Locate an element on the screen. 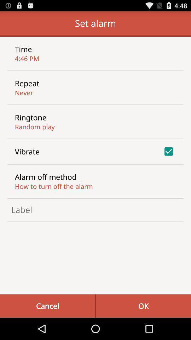 Image resolution: width=191 pixels, height=340 pixels. how to turn icon is located at coordinates (53, 186).